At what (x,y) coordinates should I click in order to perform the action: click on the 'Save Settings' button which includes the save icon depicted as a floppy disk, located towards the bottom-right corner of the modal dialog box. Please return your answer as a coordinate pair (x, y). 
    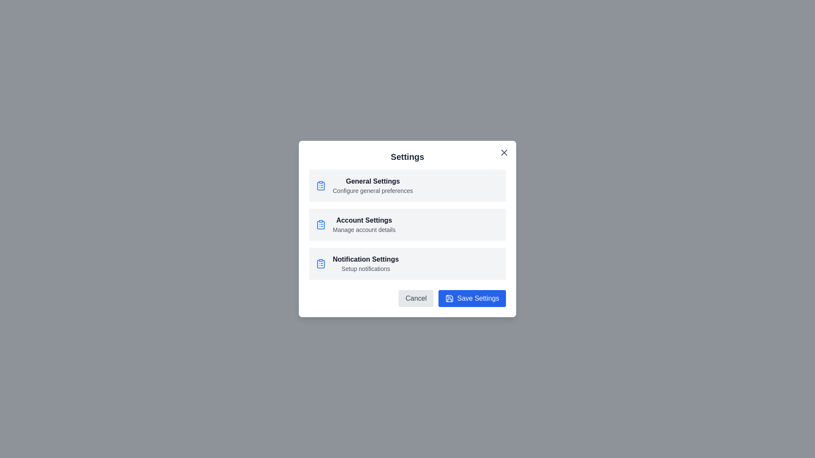
    Looking at the image, I should click on (449, 298).